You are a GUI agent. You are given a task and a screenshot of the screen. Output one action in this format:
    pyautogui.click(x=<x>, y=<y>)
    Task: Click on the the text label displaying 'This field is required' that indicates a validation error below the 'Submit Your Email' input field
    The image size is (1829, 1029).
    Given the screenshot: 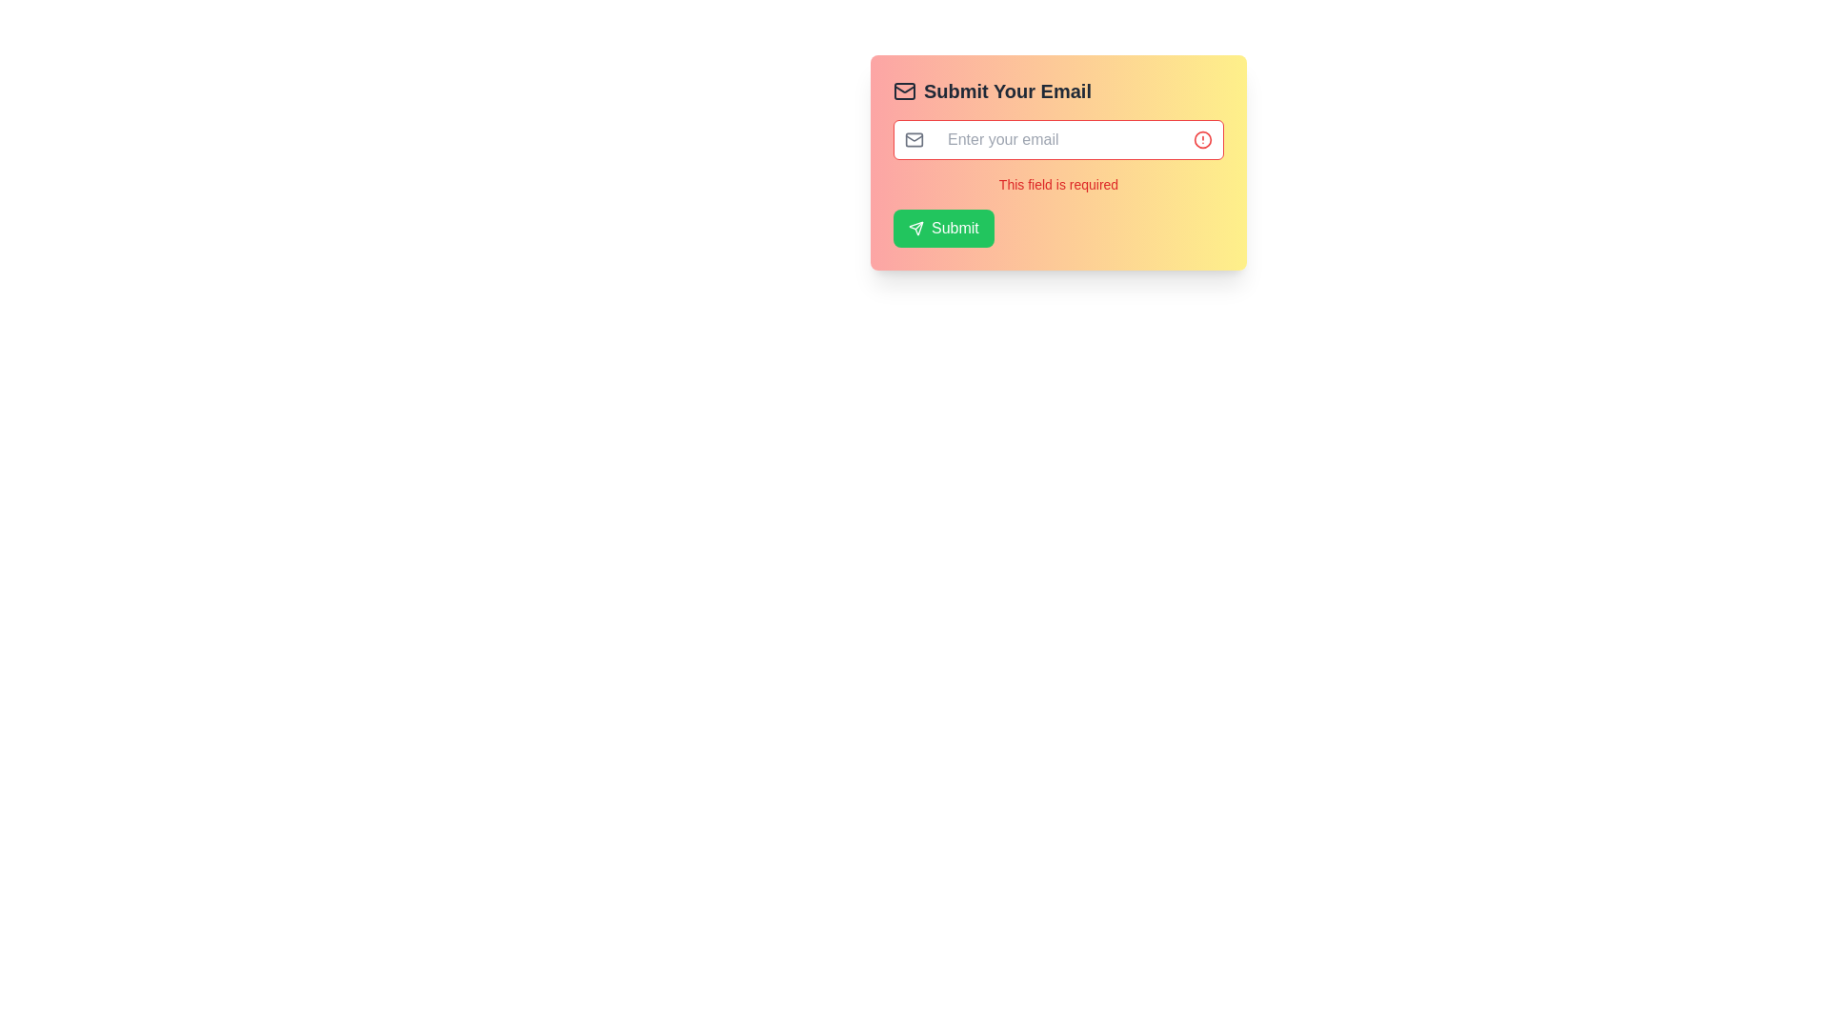 What is the action you would take?
    pyautogui.click(x=1057, y=184)
    